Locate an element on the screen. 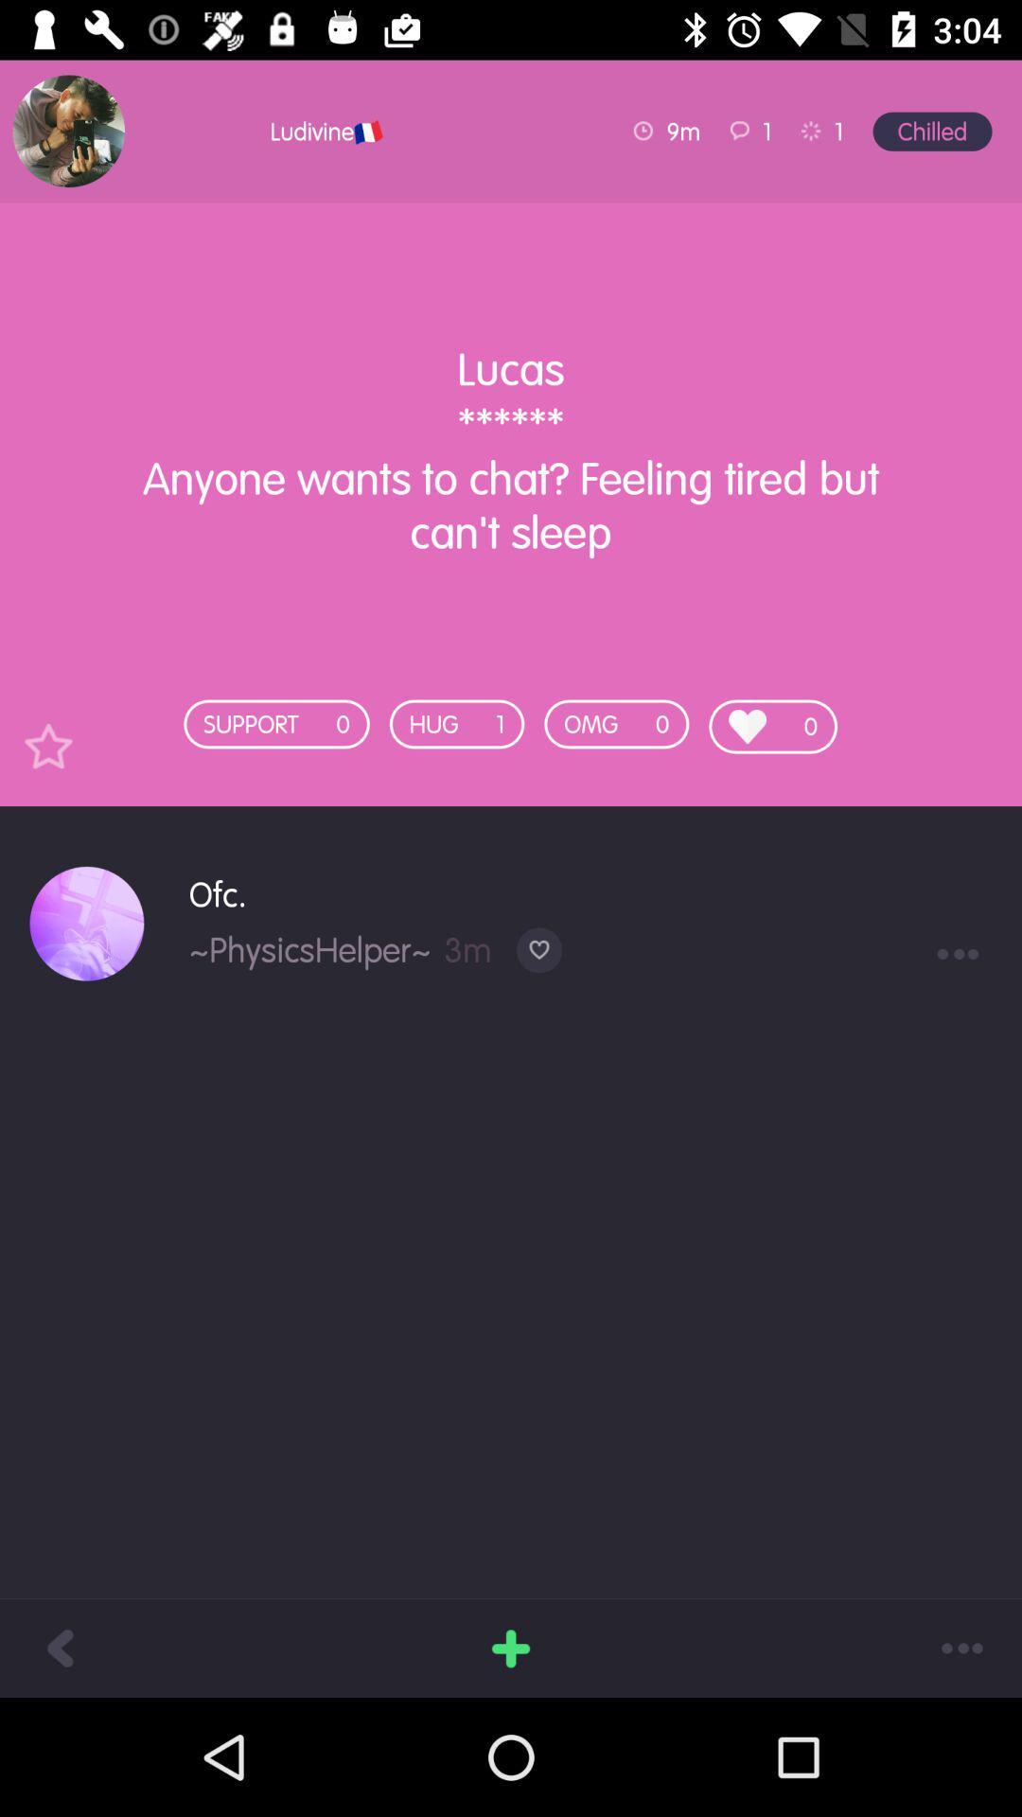  the icon above lucas anyone wants item is located at coordinates (67, 130).